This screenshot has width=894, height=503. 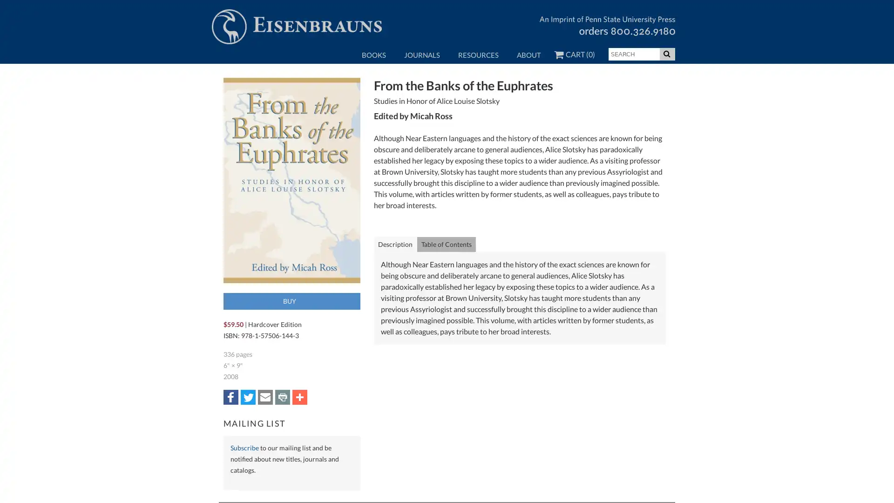 What do you see at coordinates (299, 397) in the screenshot?
I see `Share to More` at bounding box center [299, 397].